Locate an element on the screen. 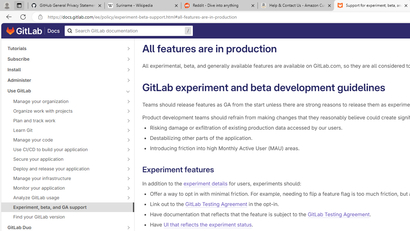 The height and width of the screenshot is (231, 410). 'Manage your infrastructure' is located at coordinates (64, 178).